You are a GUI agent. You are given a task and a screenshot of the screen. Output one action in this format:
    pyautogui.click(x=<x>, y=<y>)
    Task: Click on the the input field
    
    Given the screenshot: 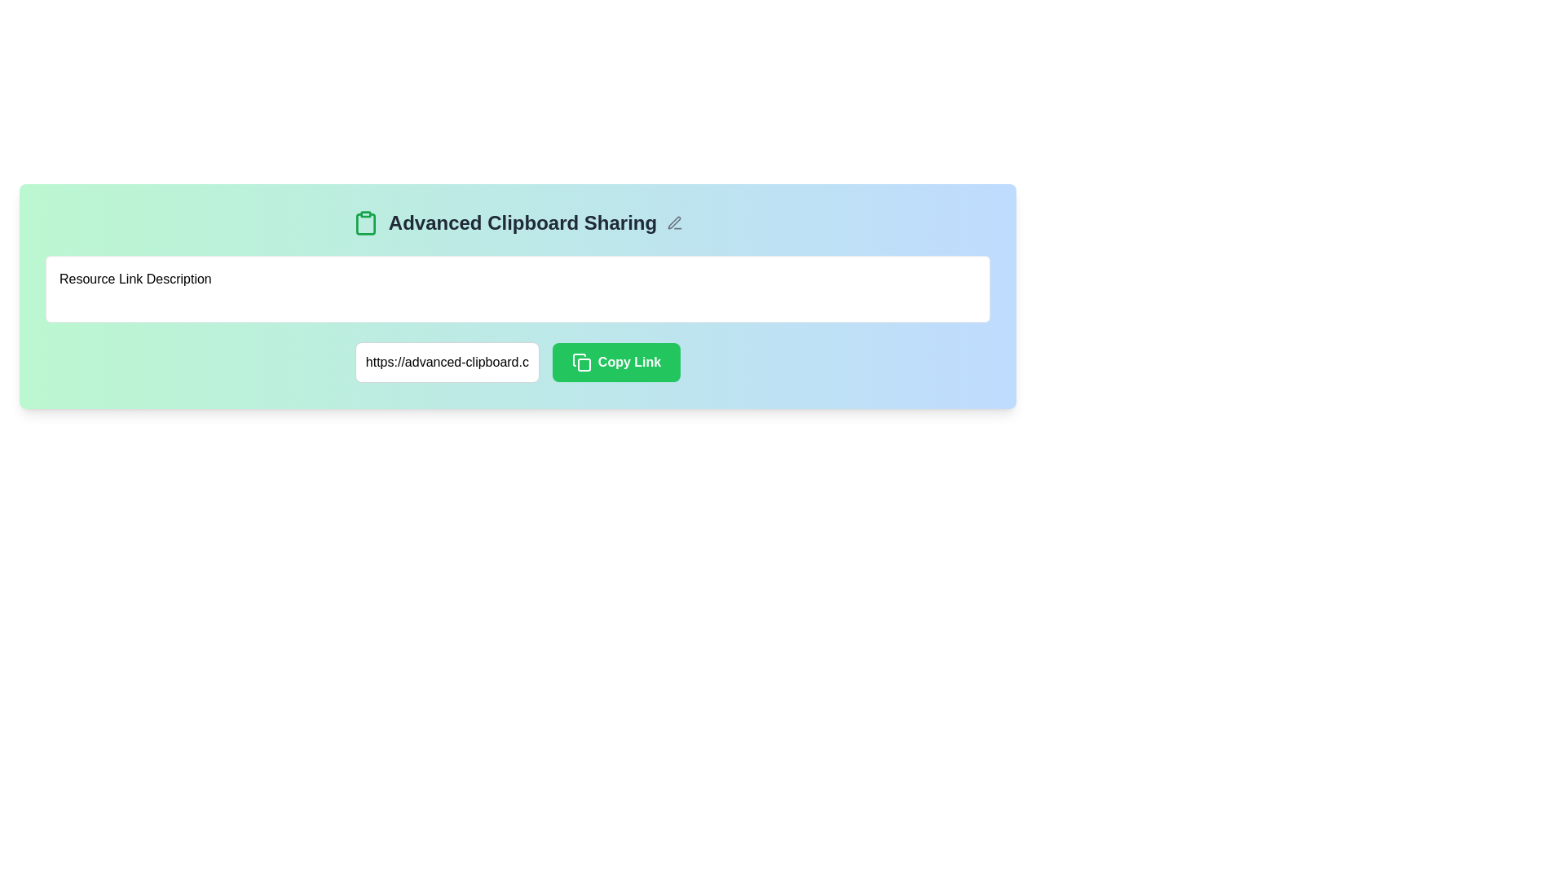 What is the action you would take?
    pyautogui.click(x=517, y=361)
    